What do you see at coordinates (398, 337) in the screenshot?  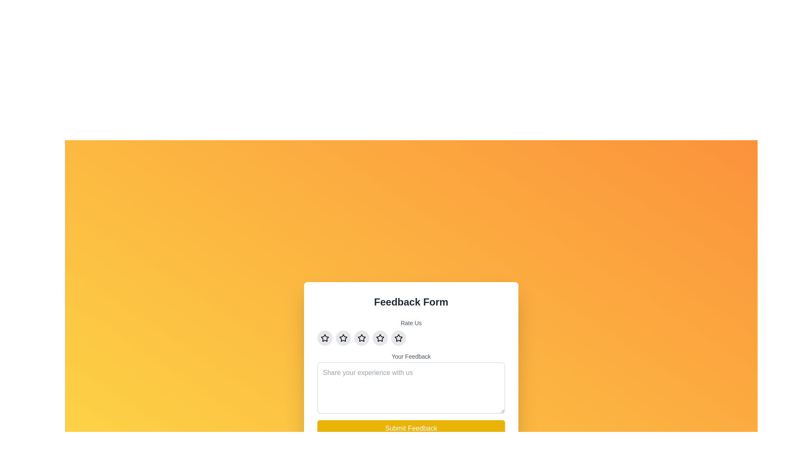 I see `the fifth star-shaped icon with a hollow center in the feedback form interface` at bounding box center [398, 337].